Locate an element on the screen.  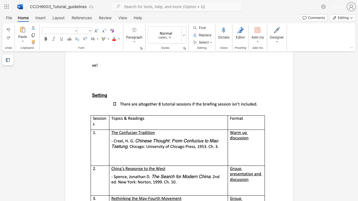
the subset text "Co" within the text "The Confucian Tradition" is located at coordinates (119, 132).